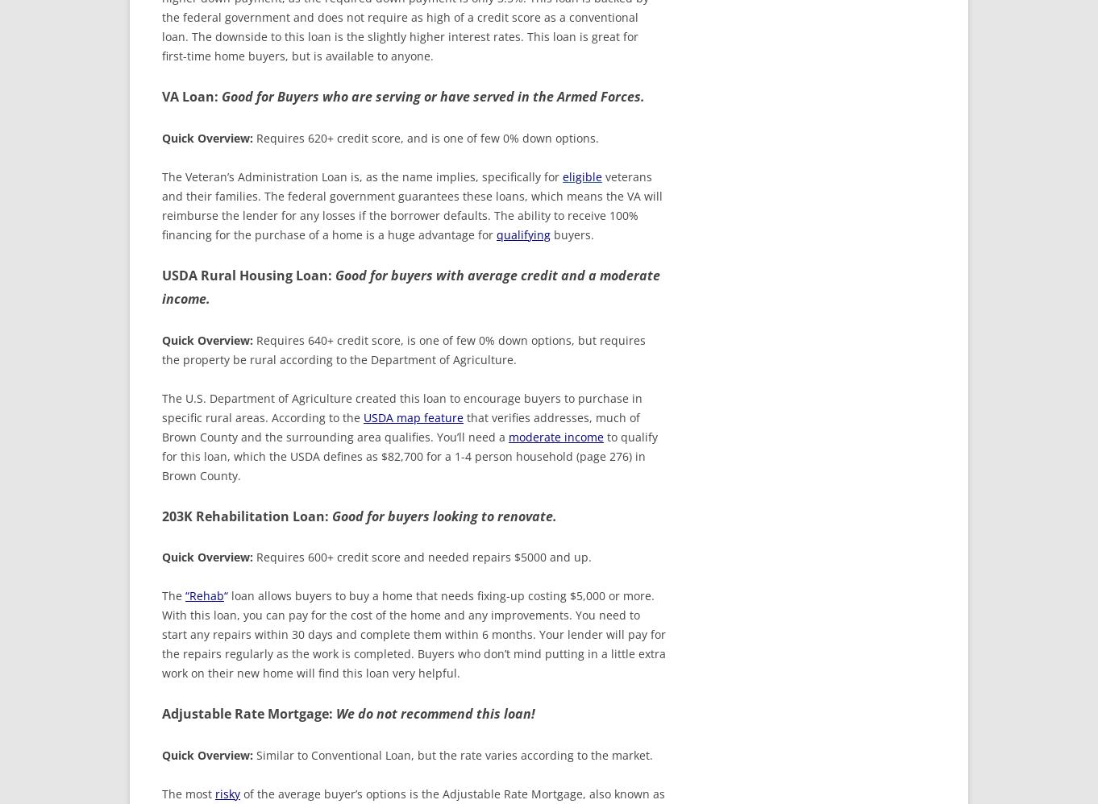 This screenshot has width=1098, height=804. Describe the element at coordinates (400, 426) in the screenshot. I see `'that verifies addresses, much of Brown County and the surrounding area qualifies. You’ll need a'` at that location.